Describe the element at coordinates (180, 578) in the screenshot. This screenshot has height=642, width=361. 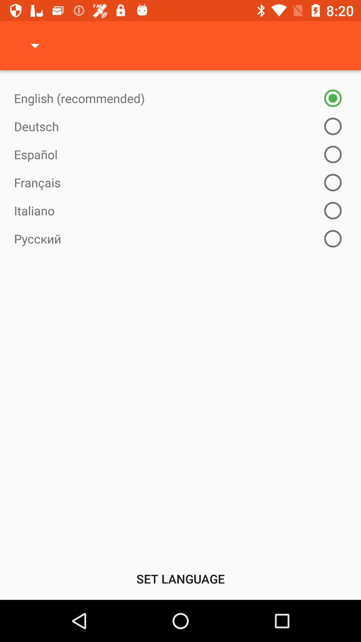
I see `set language icon` at that location.